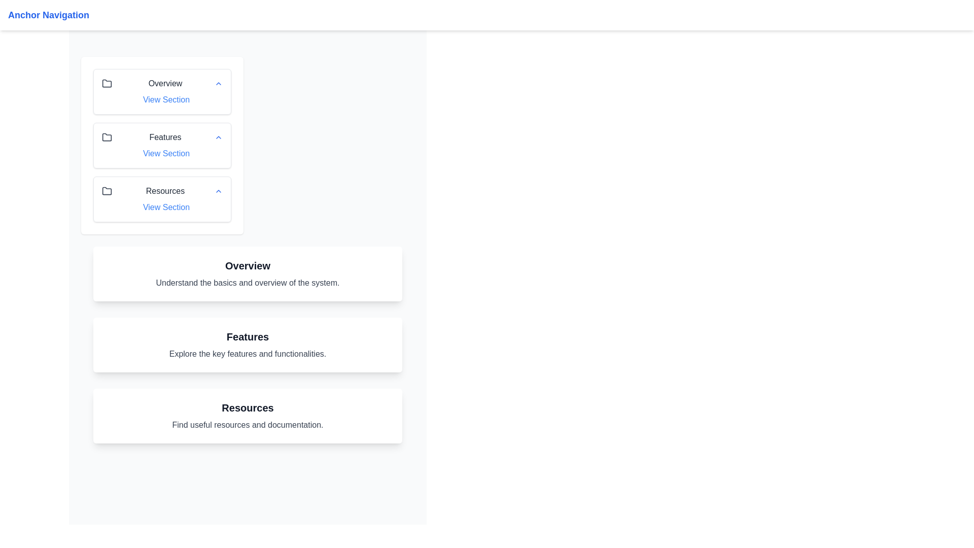 This screenshot has height=548, width=974. What do you see at coordinates (166, 207) in the screenshot?
I see `the third 'View Section' hyperlink in the vertical navigation list` at bounding box center [166, 207].